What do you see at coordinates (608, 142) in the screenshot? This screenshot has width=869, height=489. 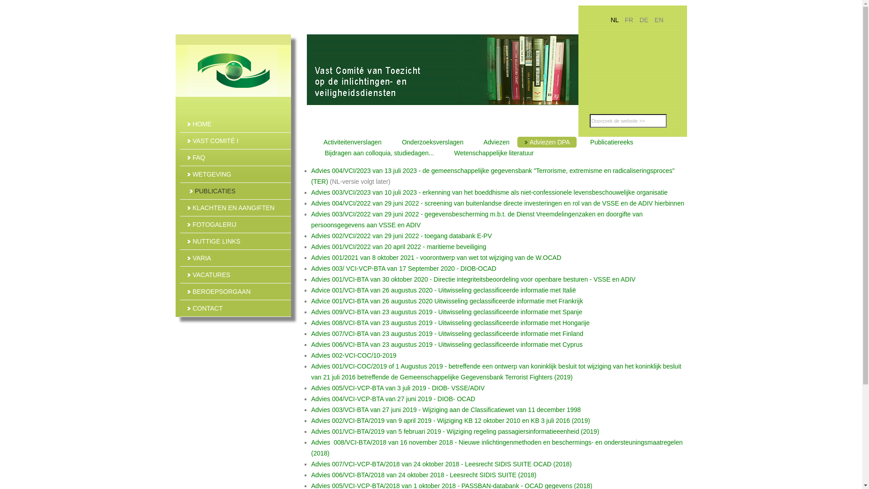 I see `'Publicatiereeks'` at bounding box center [608, 142].